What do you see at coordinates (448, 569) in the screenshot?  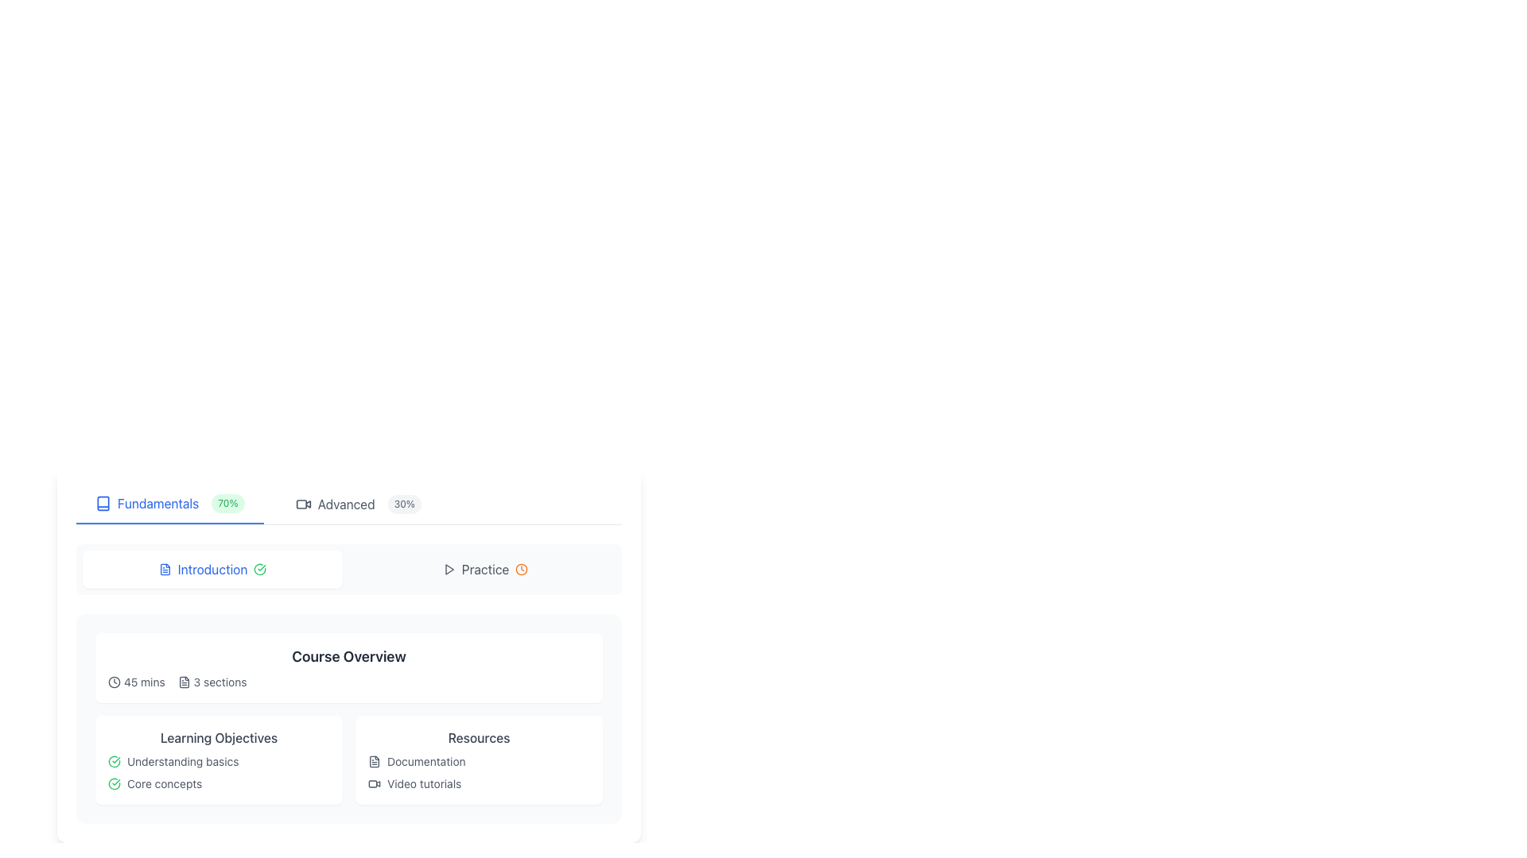 I see `the 'play' icon located within the 'Practice' button in the top navigation section` at bounding box center [448, 569].